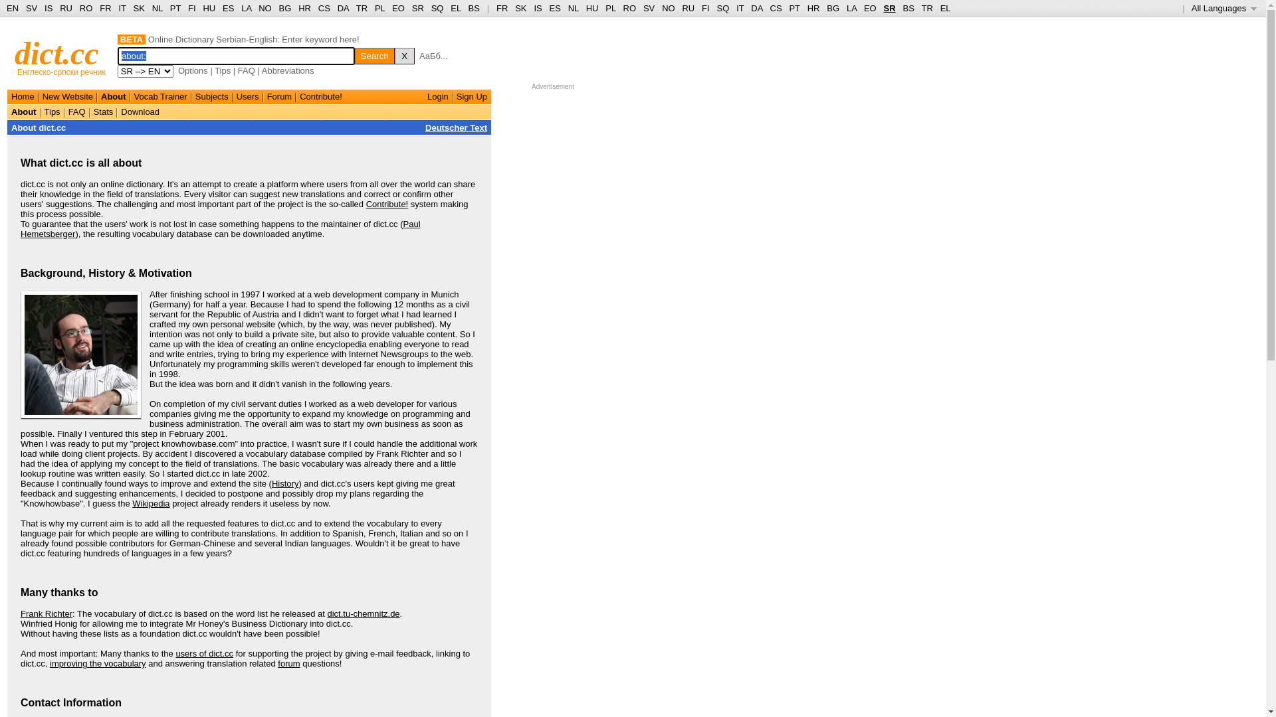 The image size is (1276, 717). What do you see at coordinates (520, 8) in the screenshot?
I see `'SK'` at bounding box center [520, 8].